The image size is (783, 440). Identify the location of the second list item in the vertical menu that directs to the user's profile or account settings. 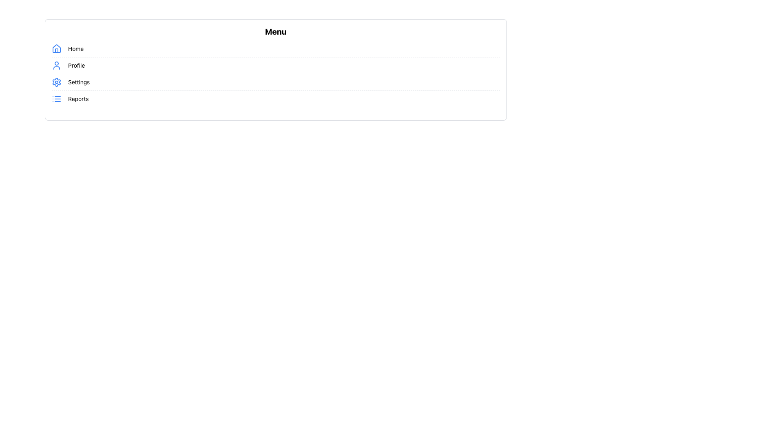
(276, 65).